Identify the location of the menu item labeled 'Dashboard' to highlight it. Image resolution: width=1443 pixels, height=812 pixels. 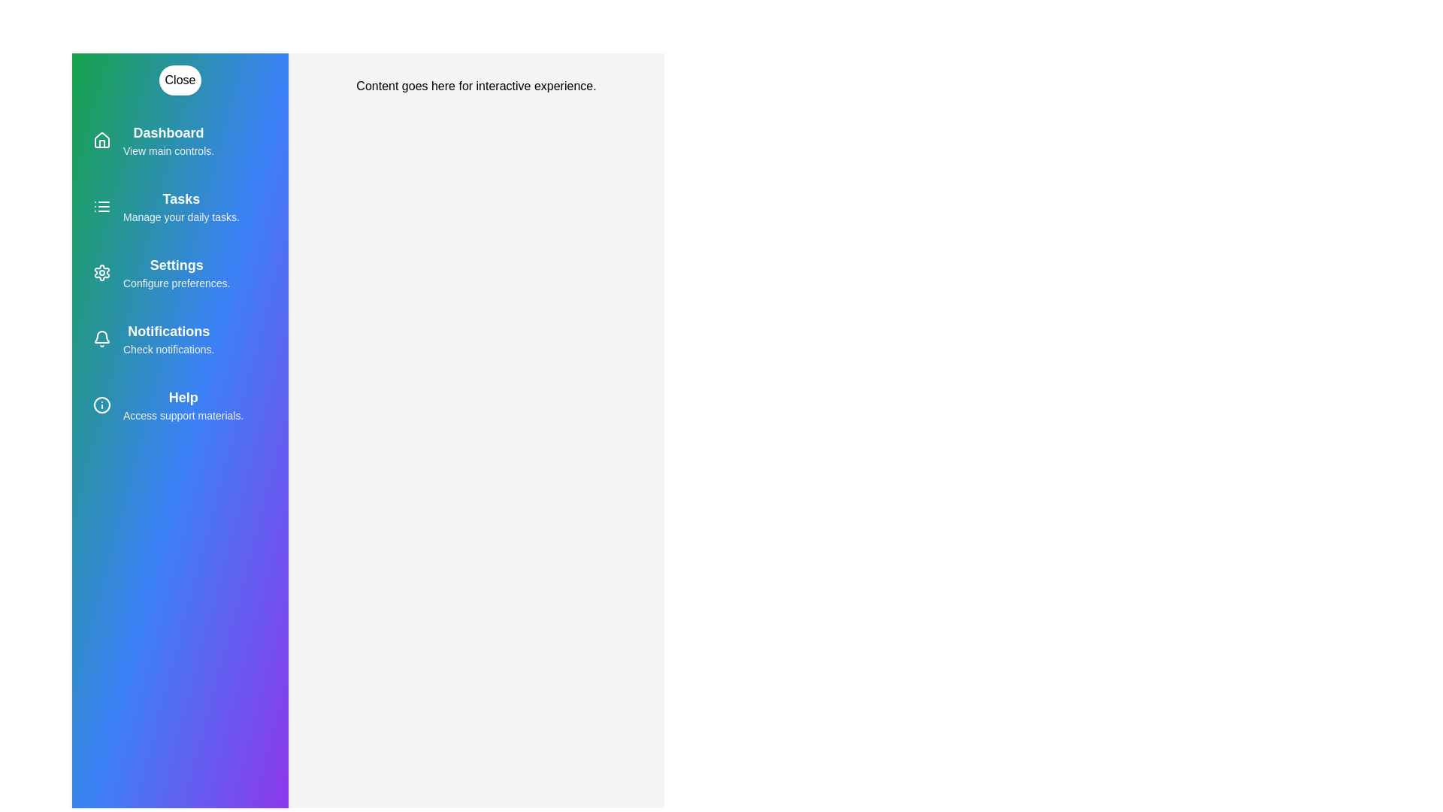
(180, 140).